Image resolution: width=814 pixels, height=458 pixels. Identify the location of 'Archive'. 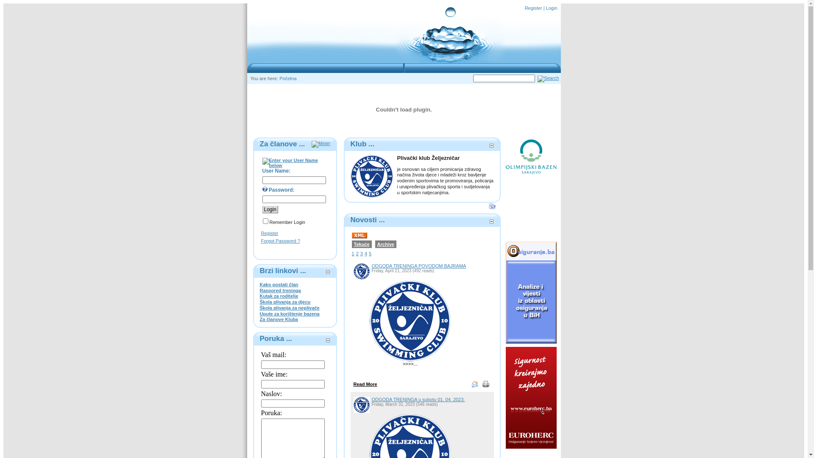
(374, 244).